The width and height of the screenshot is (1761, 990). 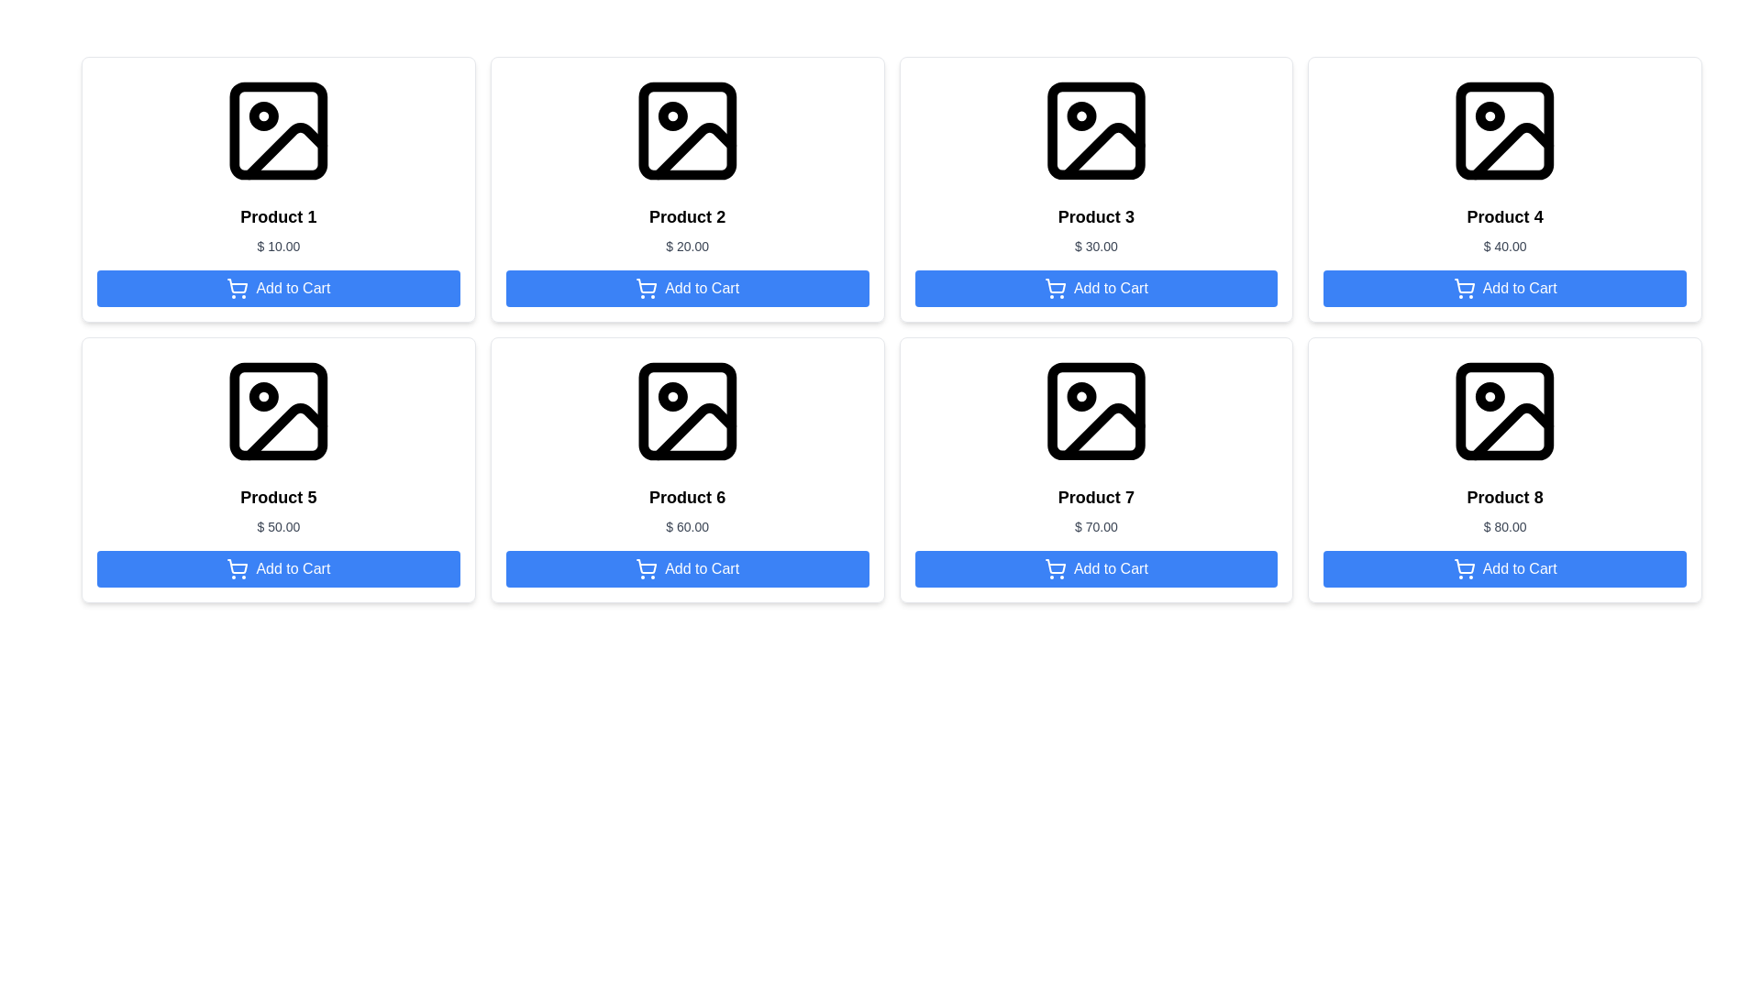 What do you see at coordinates (686, 246) in the screenshot?
I see `the price label displaying '$ 20.00' in gray text, located within the card for 'Product 2', positioned below the product title and above the 'Add to Cart' button` at bounding box center [686, 246].